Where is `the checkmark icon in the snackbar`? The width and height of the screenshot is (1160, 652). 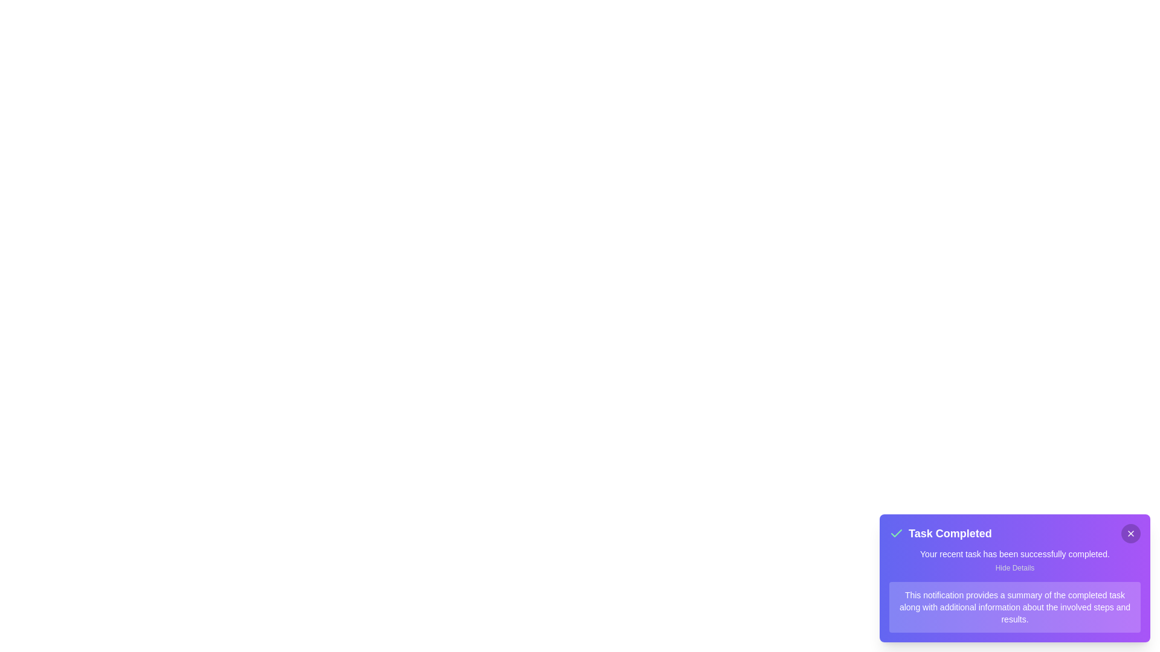 the checkmark icon in the snackbar is located at coordinates (896, 532).